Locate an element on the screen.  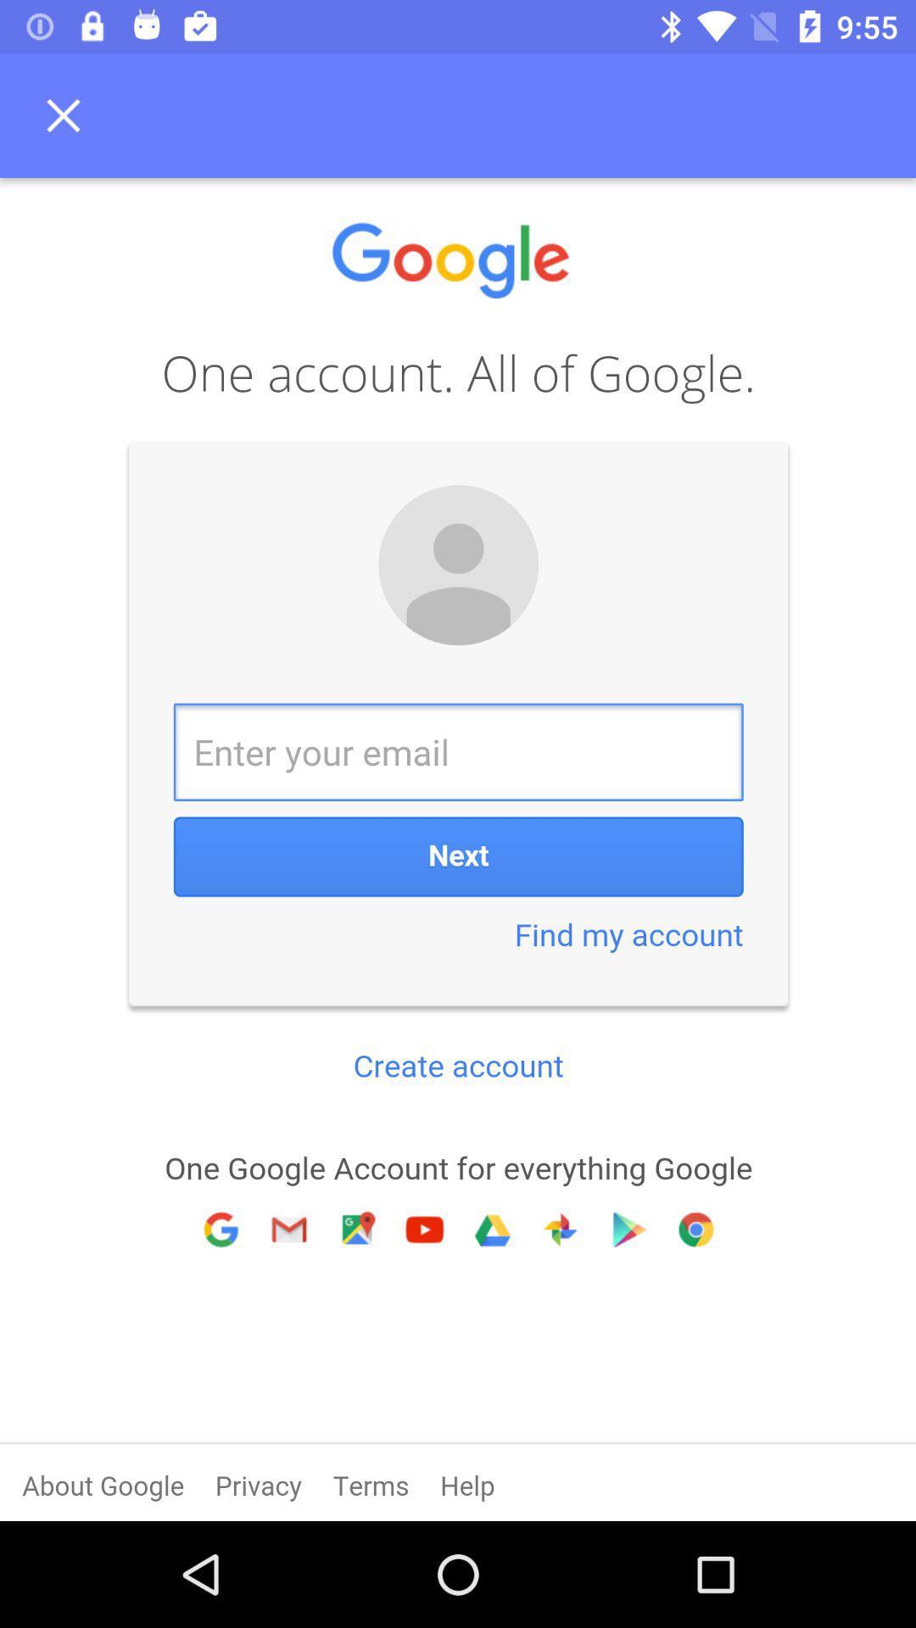
this page is located at coordinates (68, 114).